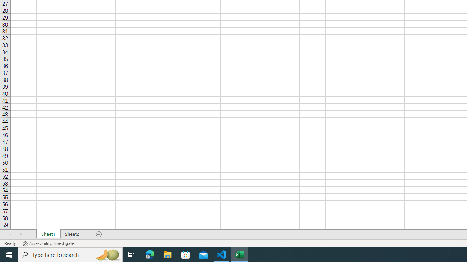 The image size is (467, 262). Describe the element at coordinates (72, 234) in the screenshot. I see `'Sheet2'` at that location.